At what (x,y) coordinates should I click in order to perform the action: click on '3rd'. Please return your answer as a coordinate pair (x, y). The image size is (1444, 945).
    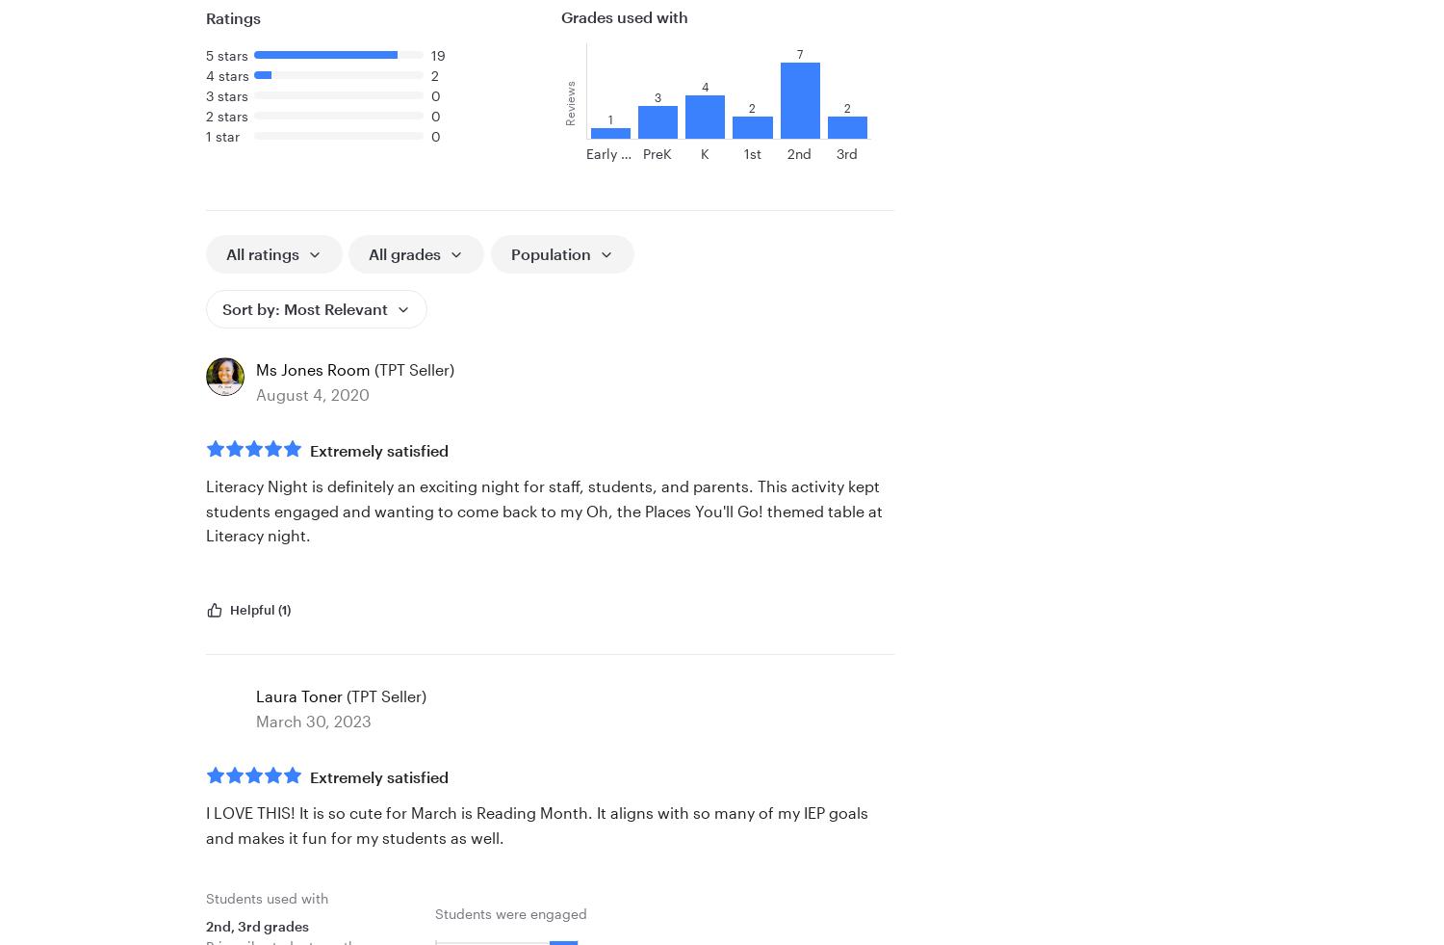
    Looking at the image, I should click on (847, 152).